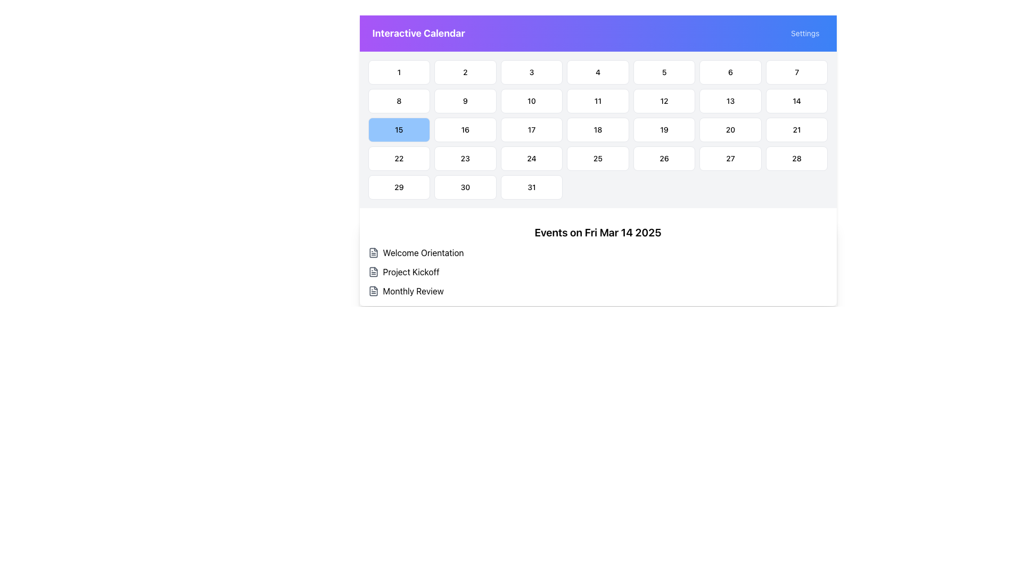 The image size is (1022, 575). What do you see at coordinates (465, 101) in the screenshot?
I see `the textual label displaying the number '9' in the calendar UI` at bounding box center [465, 101].